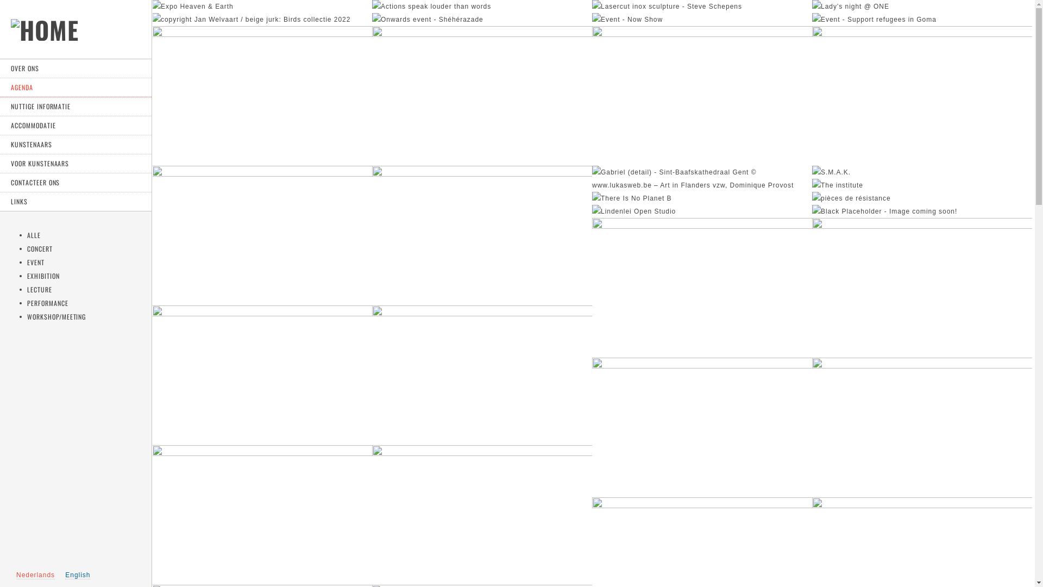 The image size is (1043, 587). What do you see at coordinates (75, 125) in the screenshot?
I see `'ACCOMMODATIE'` at bounding box center [75, 125].